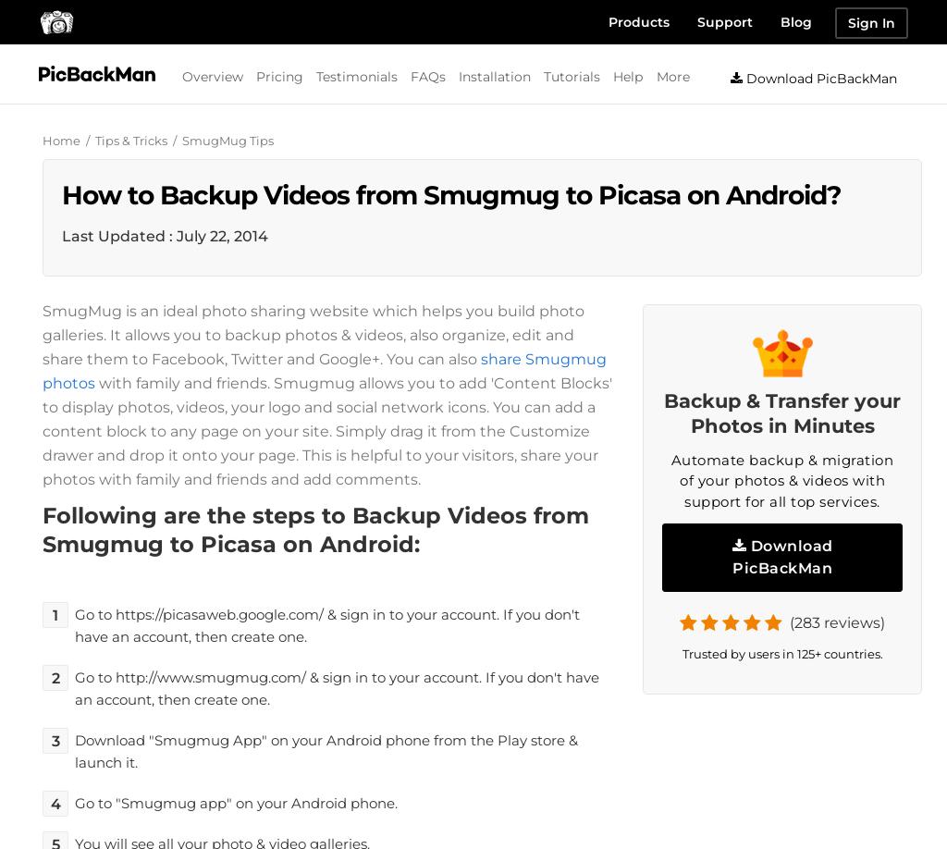 The height and width of the screenshot is (849, 947). I want to click on 'Go to https://picasaweb.google.com/ & sign in to your account. If you don't have an account, then create one.', so click(326, 625).